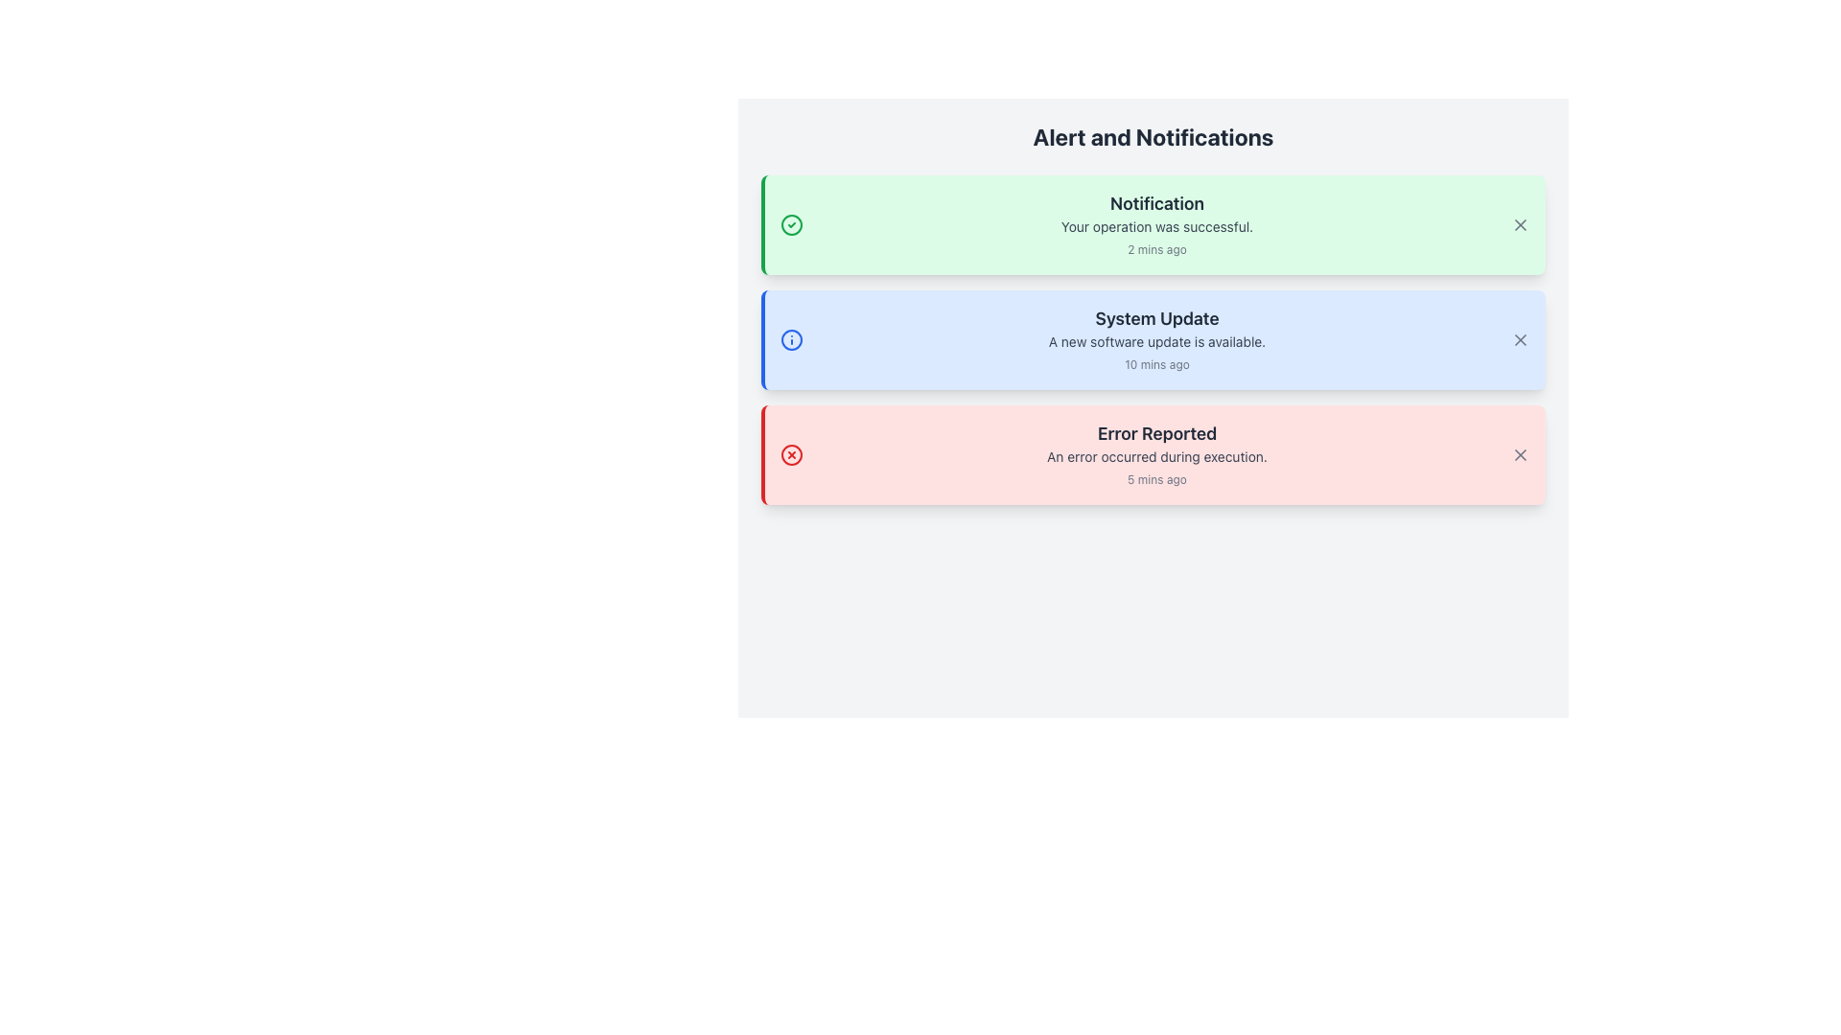 This screenshot has width=1841, height=1035. I want to click on the text label displaying '10 mins ago' in small gray font, located at the bottom-right of the 'System Update' notification card, so click(1155, 364).